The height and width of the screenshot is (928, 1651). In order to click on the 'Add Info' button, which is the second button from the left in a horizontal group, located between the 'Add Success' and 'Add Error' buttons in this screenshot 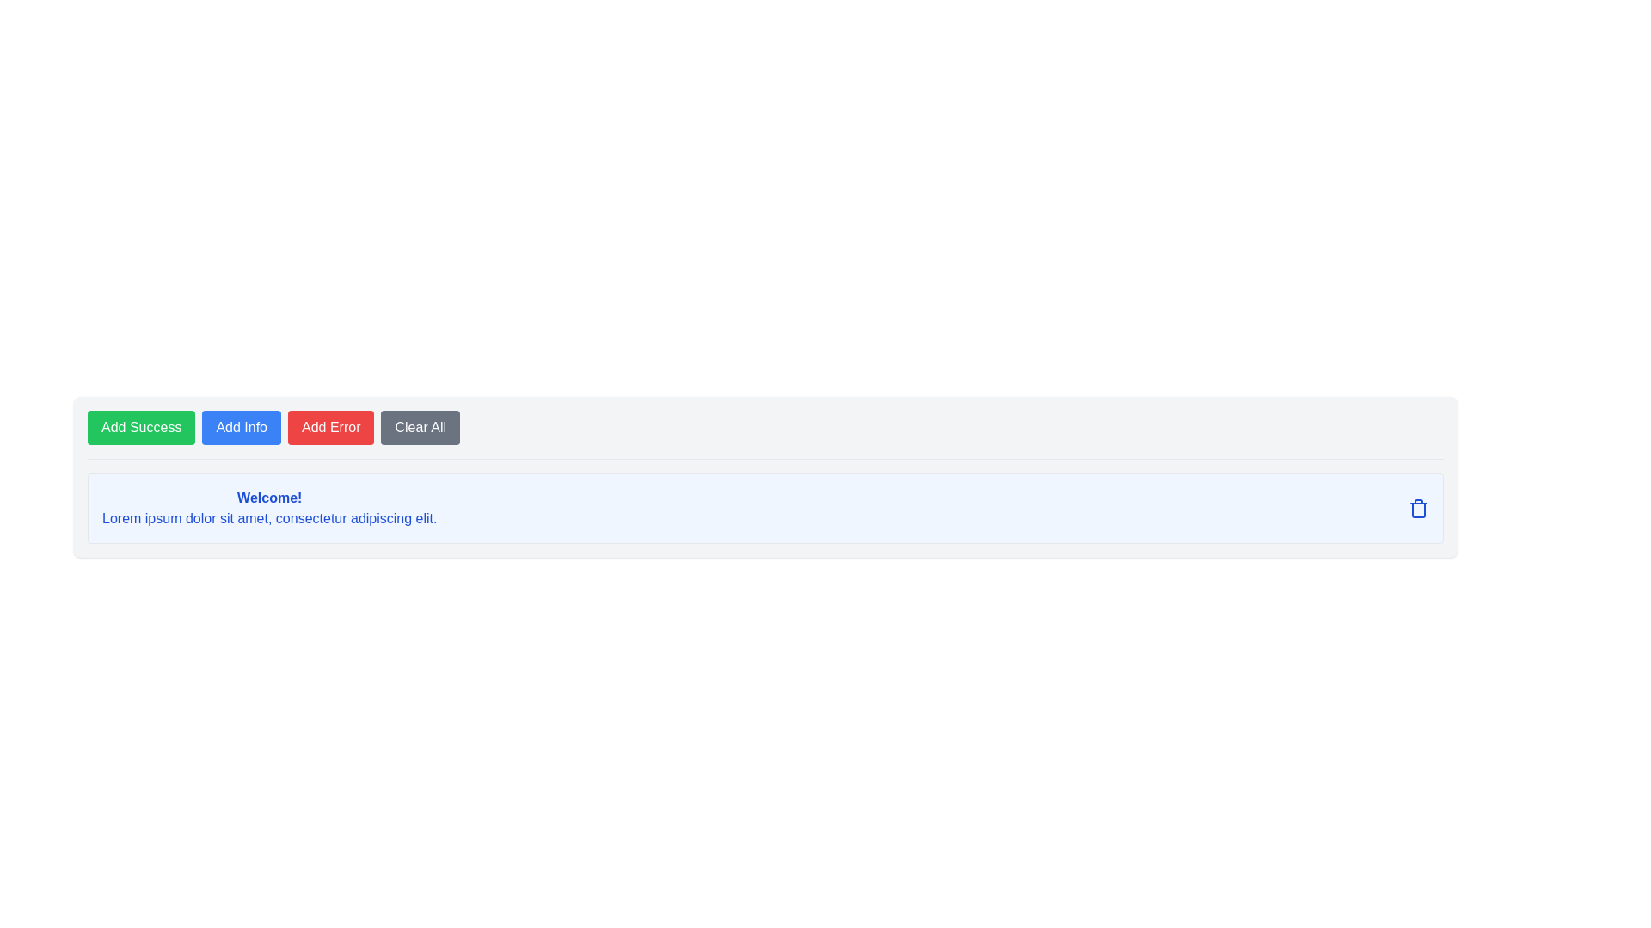, I will do `click(241, 426)`.